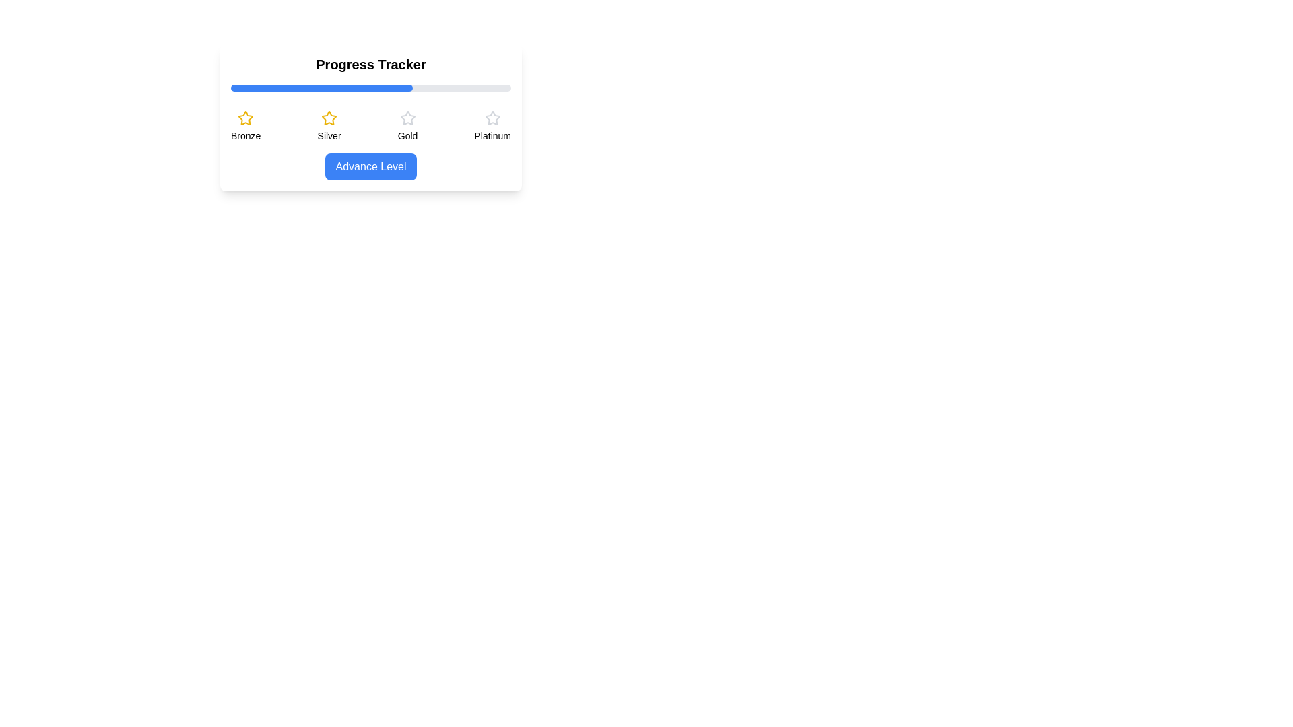 The image size is (1293, 727). What do you see at coordinates (407, 117) in the screenshot?
I see `the 'Gold' progress level icon, which is the third star icon in a horizontal row located under the progress bar` at bounding box center [407, 117].